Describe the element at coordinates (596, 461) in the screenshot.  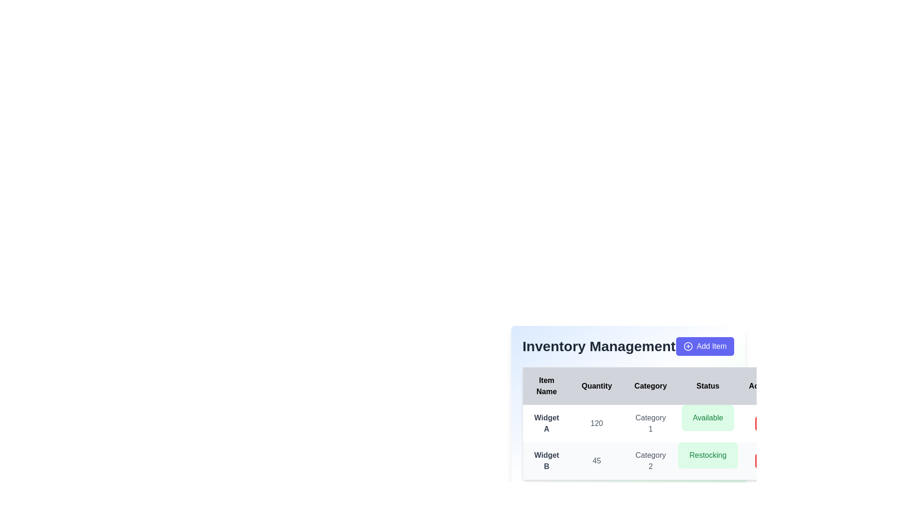
I see `text value '45' from the text component in the second column of the second row of the data table` at that location.